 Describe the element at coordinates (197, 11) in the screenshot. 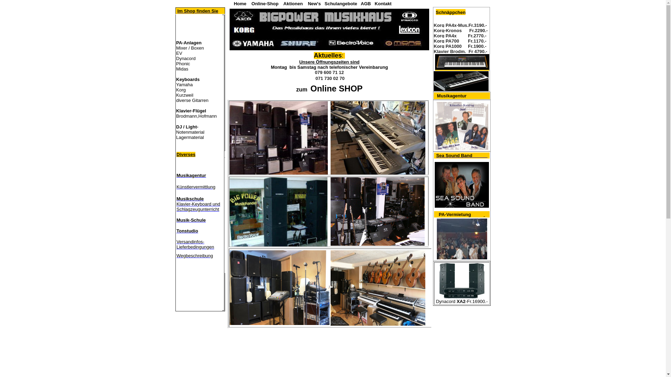

I see `'Im Shop finden Sie'` at that location.